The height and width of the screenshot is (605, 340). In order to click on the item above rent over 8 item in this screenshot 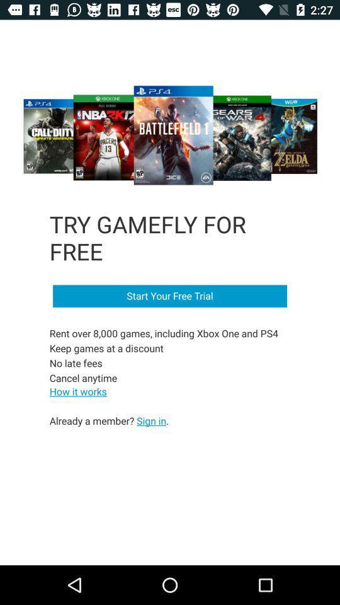, I will do `click(170, 296)`.